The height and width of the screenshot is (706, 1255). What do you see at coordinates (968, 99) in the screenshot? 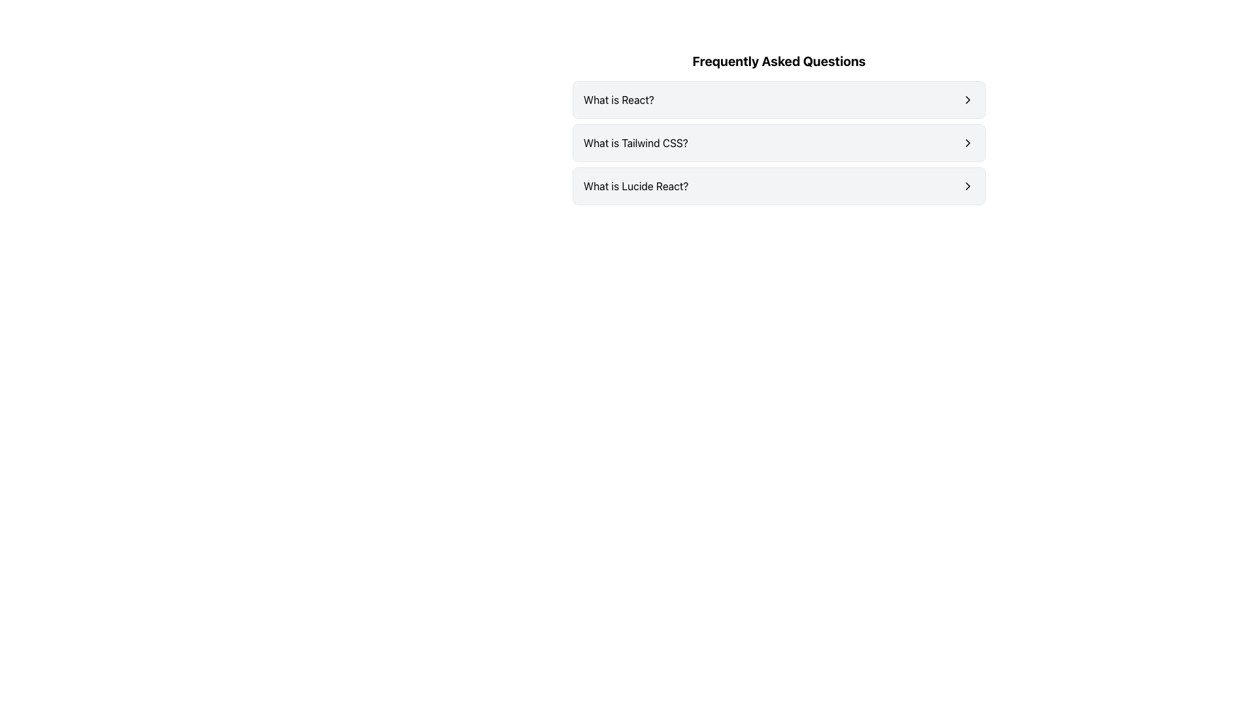
I see `the rightward-pointing arrow icon in the 'What is React?' FAQ item` at bounding box center [968, 99].